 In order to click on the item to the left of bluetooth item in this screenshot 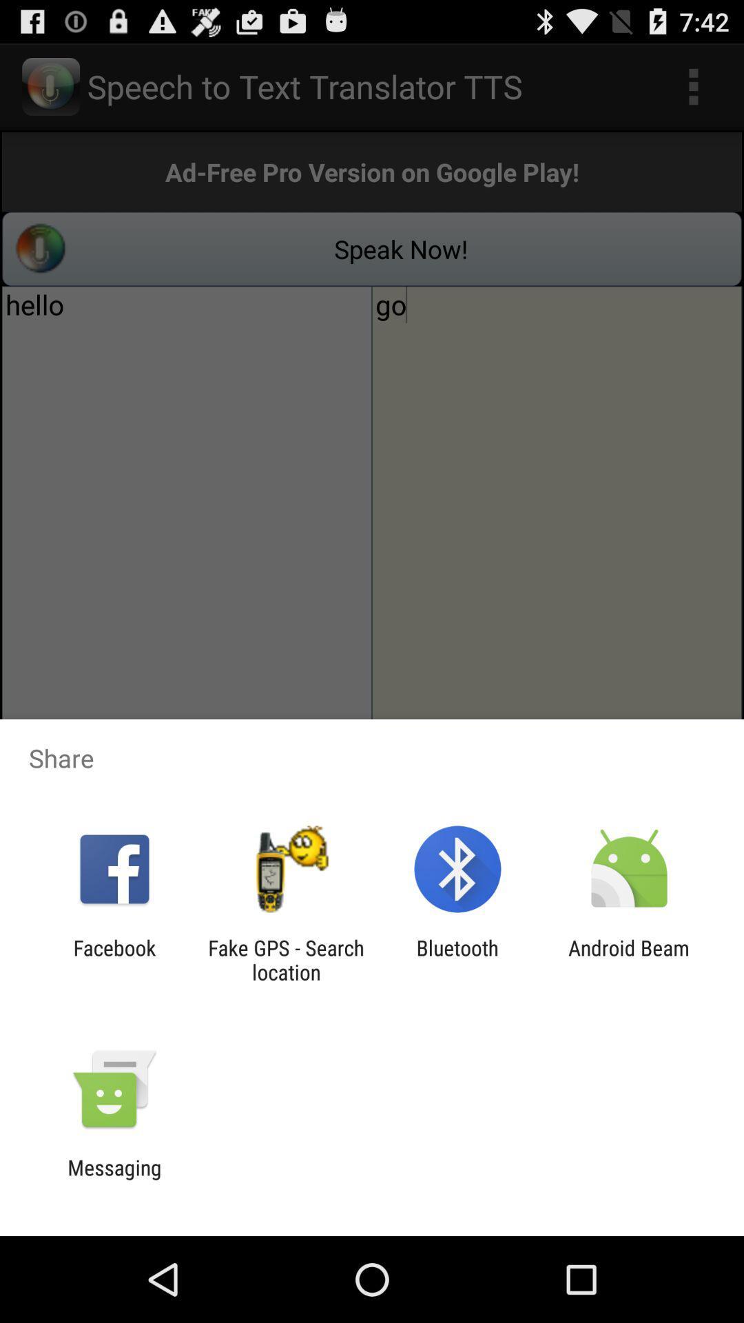, I will do `click(285, 959)`.